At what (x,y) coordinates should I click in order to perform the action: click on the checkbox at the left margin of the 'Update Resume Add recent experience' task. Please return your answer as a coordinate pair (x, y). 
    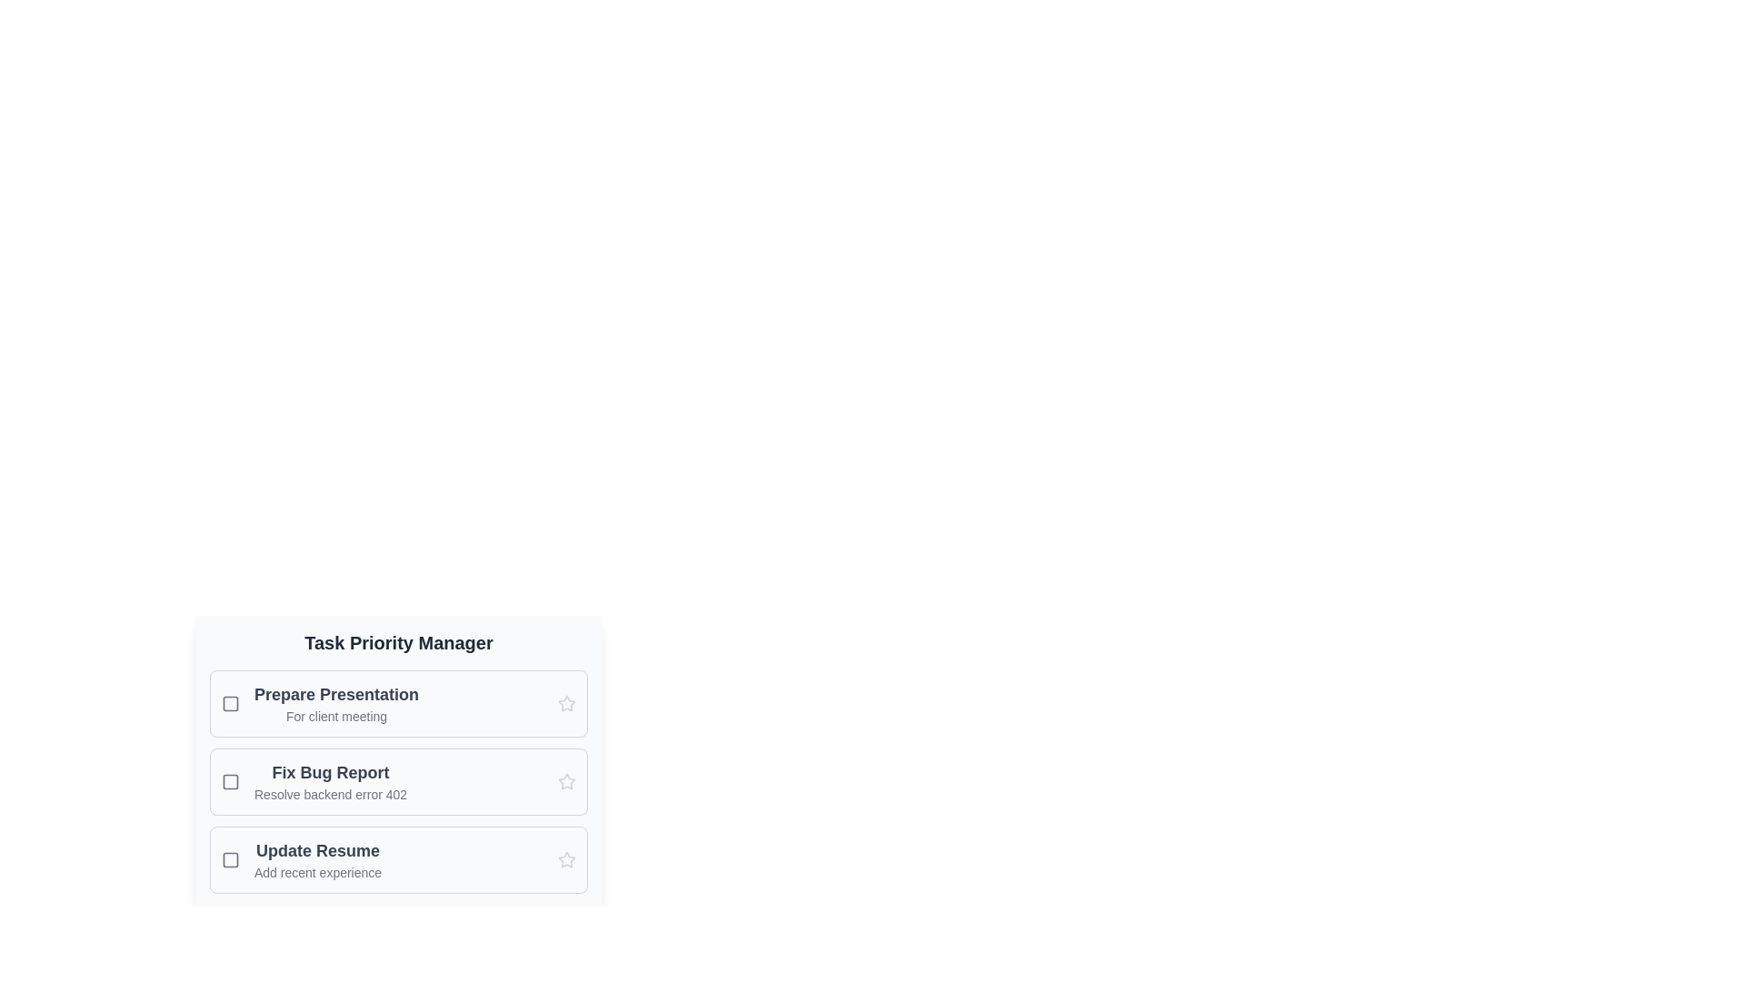
    Looking at the image, I should click on (230, 859).